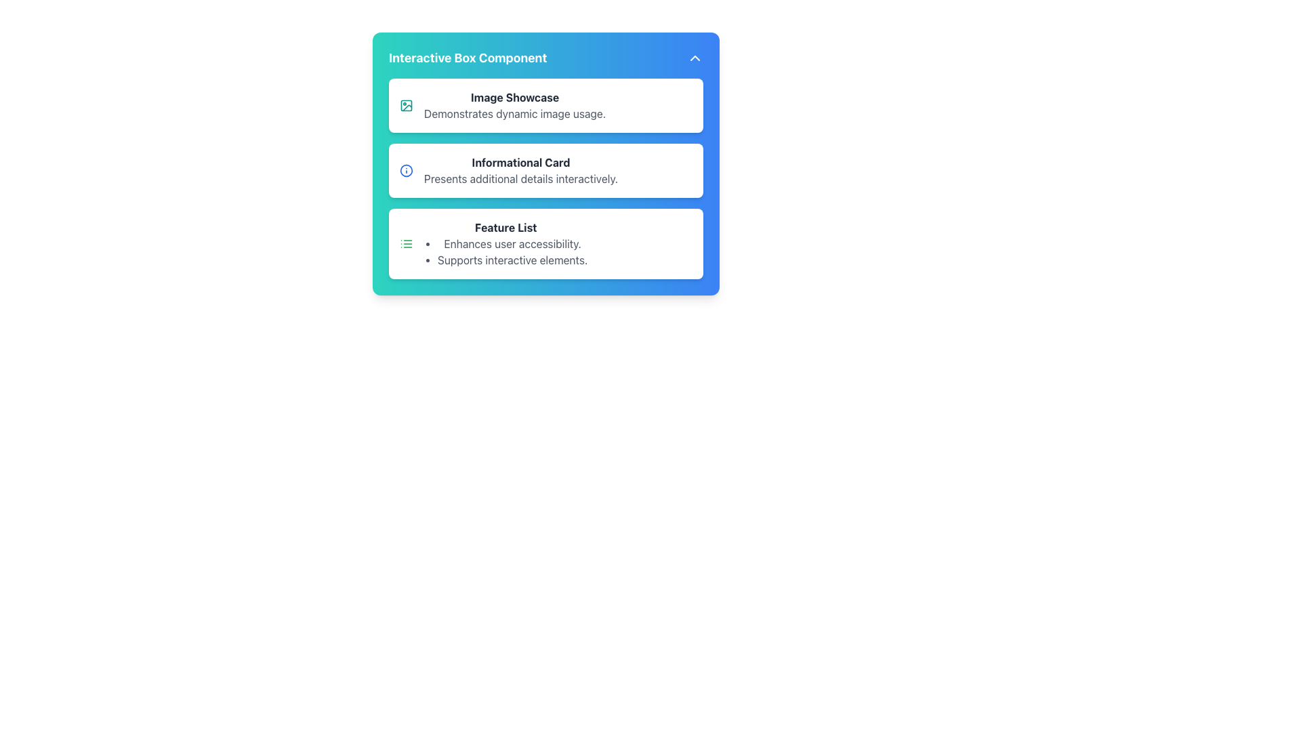 The height and width of the screenshot is (732, 1301). I want to click on the 'Informational Card' label which is a bold heading followed by a descriptive sentence, located in the middle slot of a vertically arranged list against a blue background, so click(520, 169).